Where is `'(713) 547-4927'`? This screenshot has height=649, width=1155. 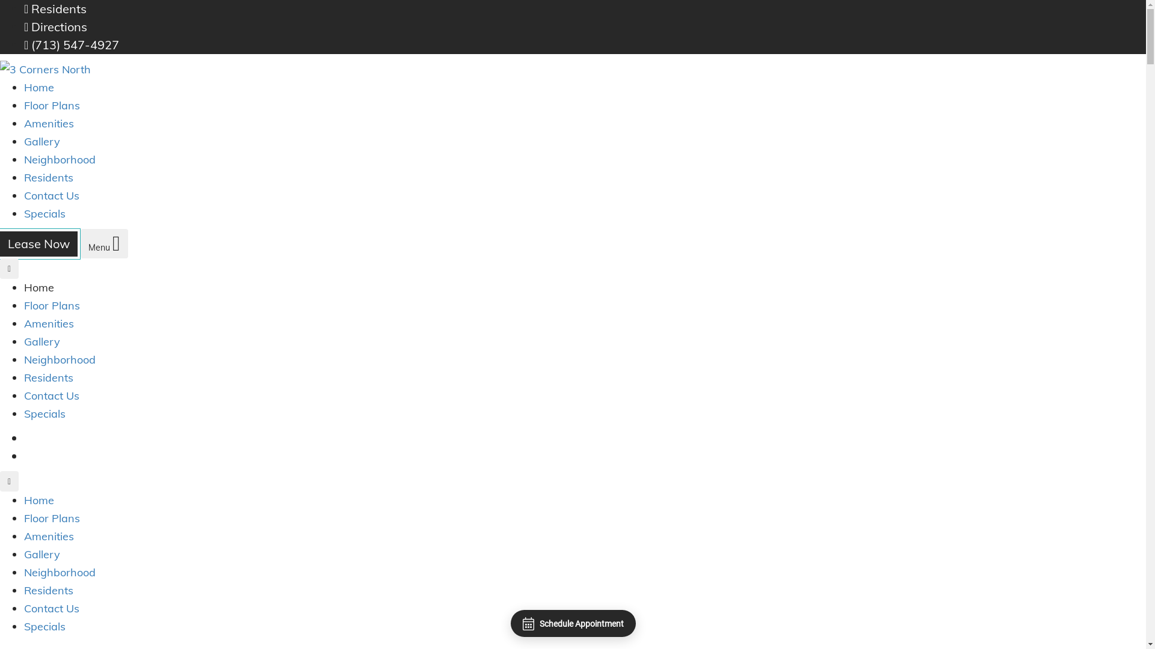 '(713) 547-4927' is located at coordinates (23, 44).